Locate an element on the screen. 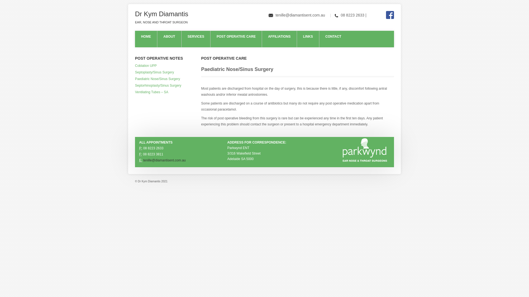 The height and width of the screenshot is (297, 529). 'Coblation UPP' is located at coordinates (146, 65).